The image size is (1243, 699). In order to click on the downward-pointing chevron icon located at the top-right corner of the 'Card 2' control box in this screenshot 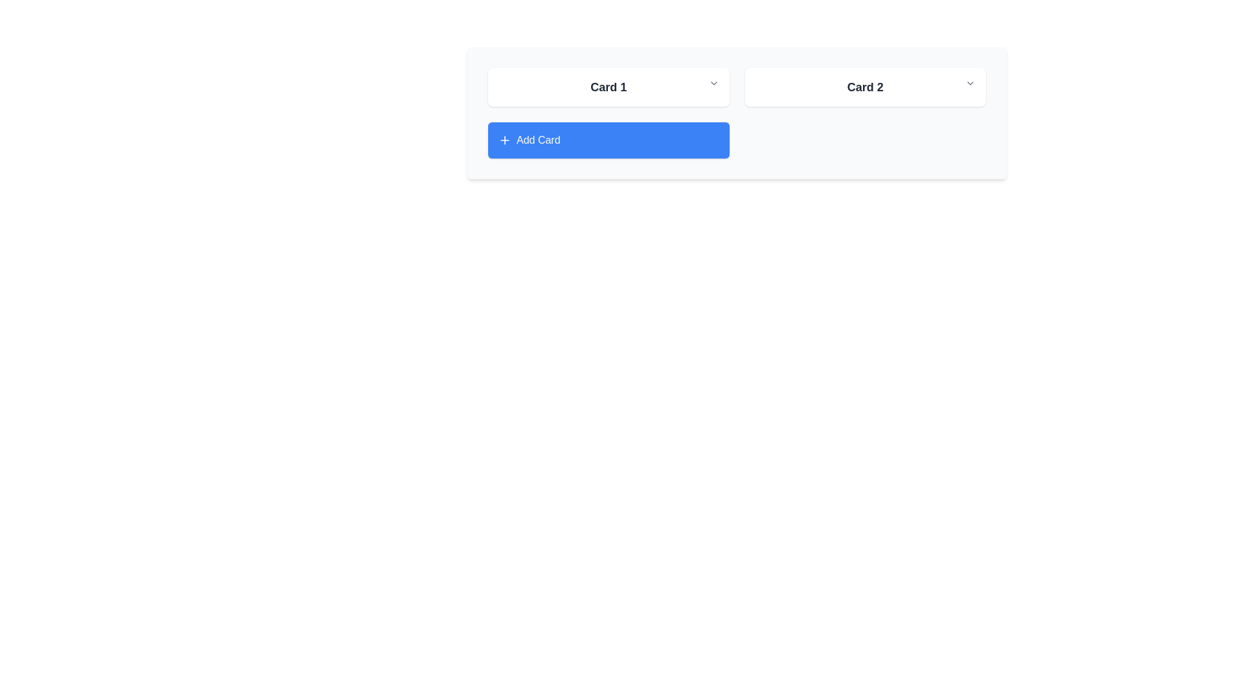, I will do `click(970, 83)`.